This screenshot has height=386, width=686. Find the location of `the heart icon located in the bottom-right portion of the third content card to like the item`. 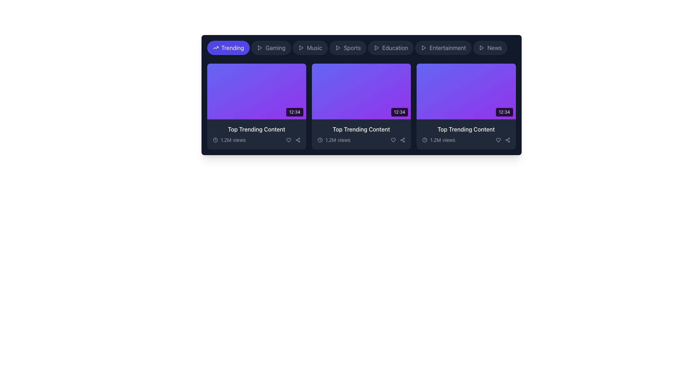

the heart icon located in the bottom-right portion of the third content card to like the item is located at coordinates (498, 140).